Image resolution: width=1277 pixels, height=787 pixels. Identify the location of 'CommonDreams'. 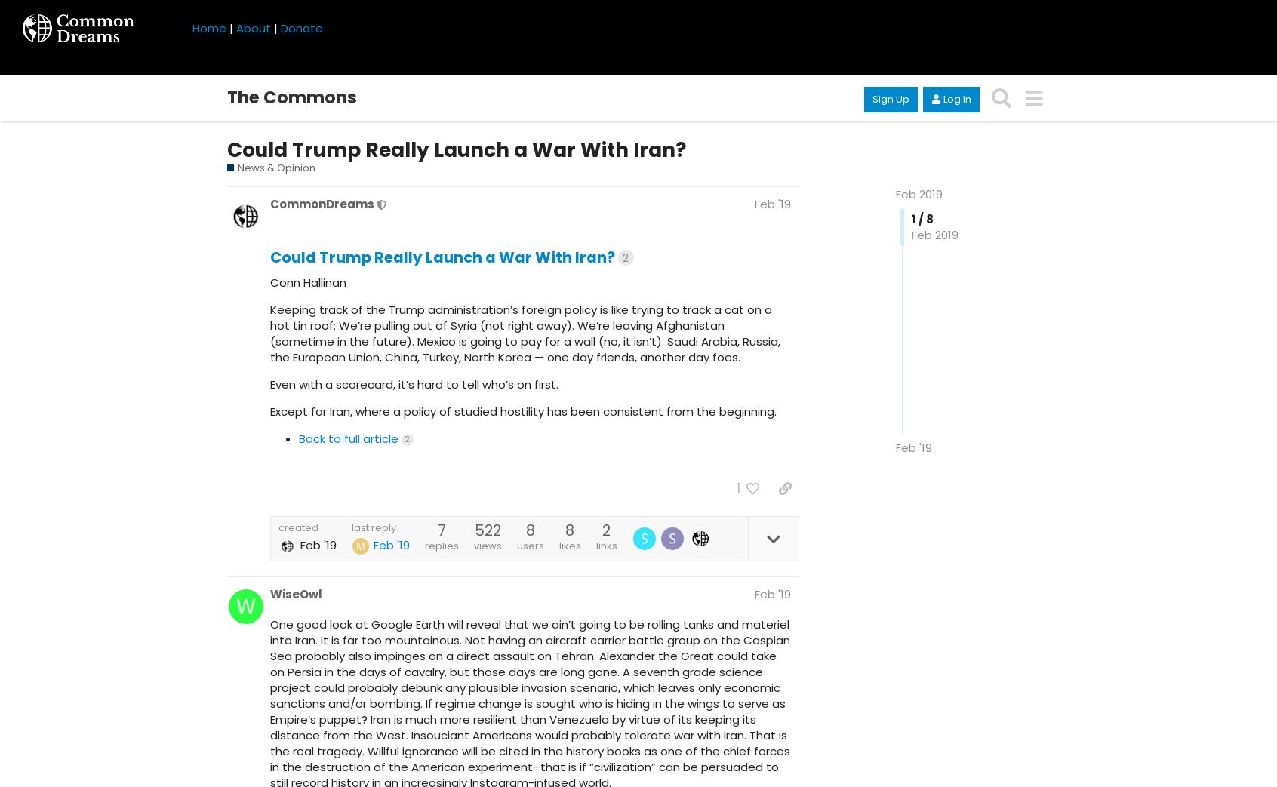
(270, 204).